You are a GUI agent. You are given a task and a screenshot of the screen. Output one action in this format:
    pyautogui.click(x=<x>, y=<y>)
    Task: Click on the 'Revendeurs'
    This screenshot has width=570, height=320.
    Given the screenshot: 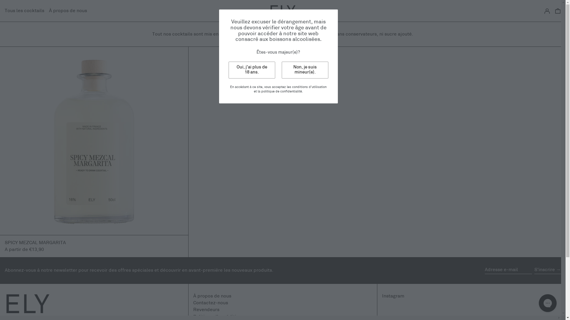 What is the action you would take?
    pyautogui.click(x=206, y=309)
    